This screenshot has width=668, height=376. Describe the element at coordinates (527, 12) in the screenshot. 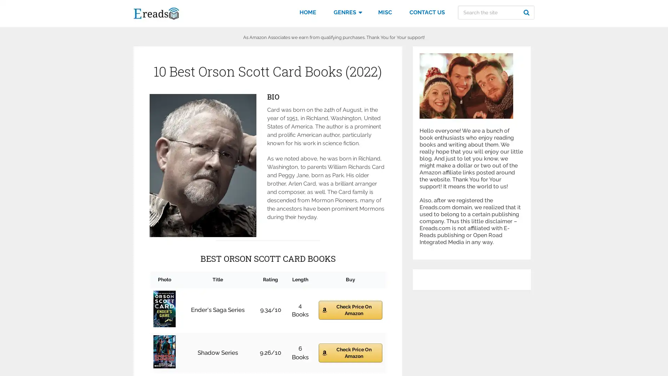

I see `Search` at that location.